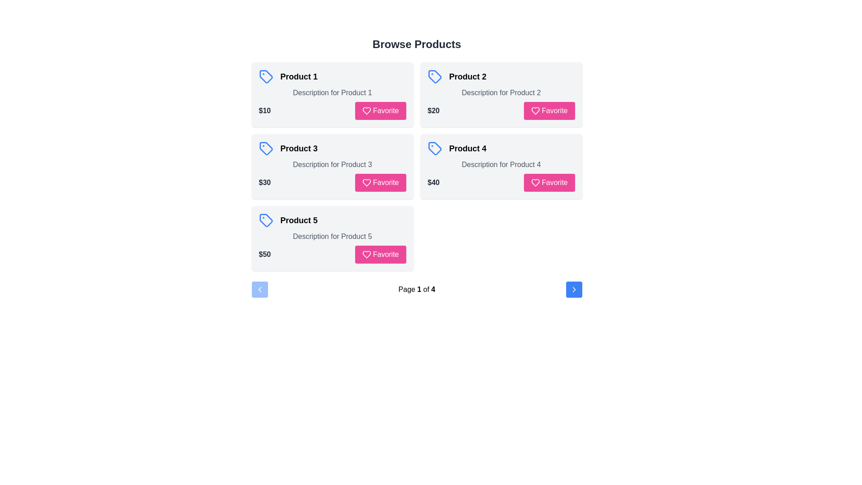 Image resolution: width=862 pixels, height=485 pixels. What do you see at coordinates (549, 182) in the screenshot?
I see `the 'Favorite' button with a pink background located at the bottom right corner of the 'Product 4' card` at bounding box center [549, 182].